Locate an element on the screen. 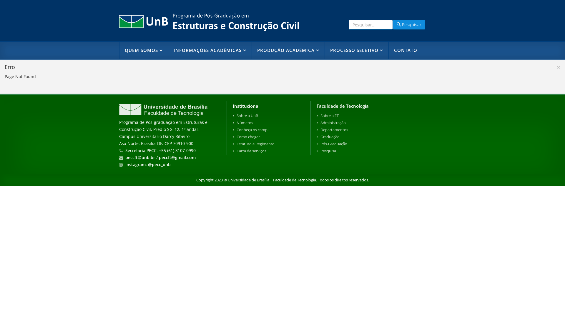  'Estatuto e Regimento' is located at coordinates (268, 144).